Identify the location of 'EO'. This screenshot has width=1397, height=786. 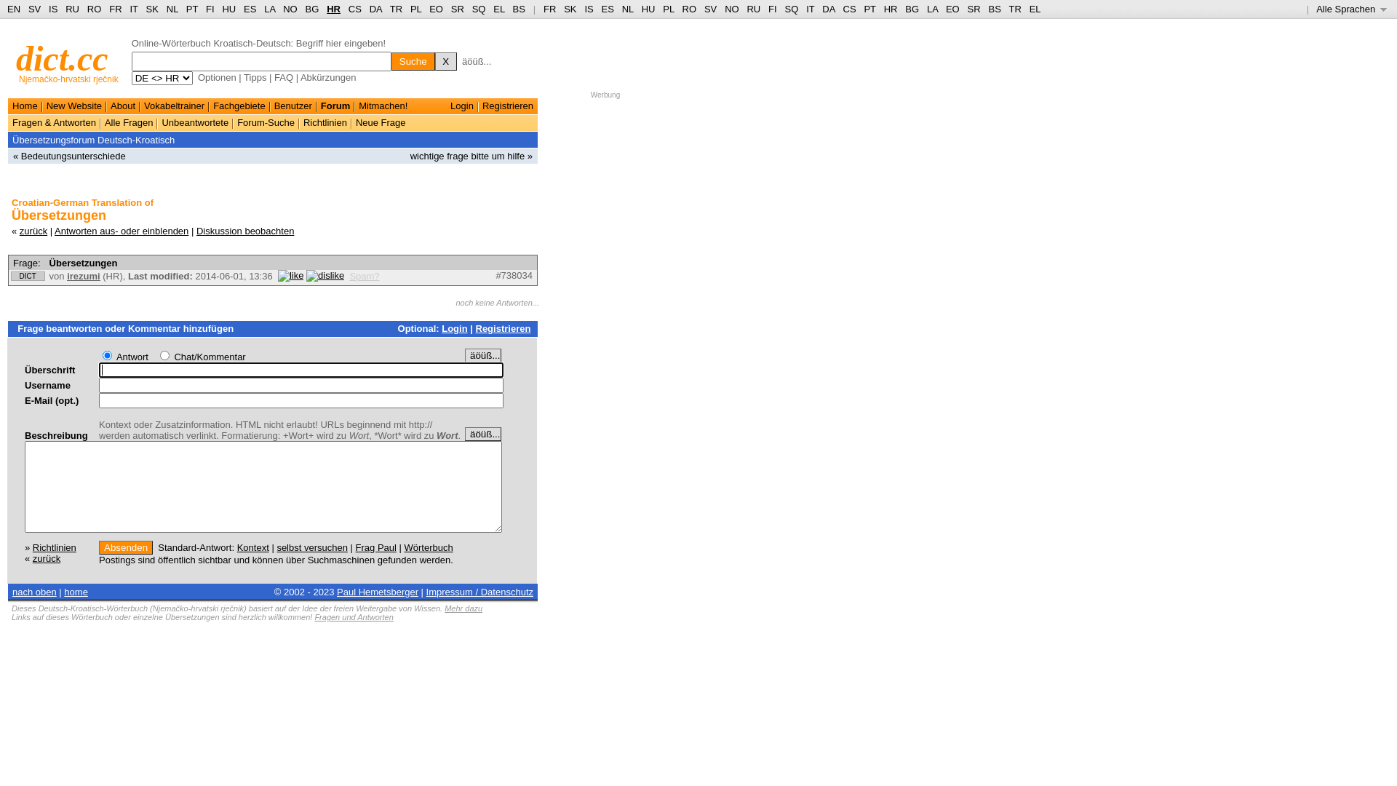
(435, 9).